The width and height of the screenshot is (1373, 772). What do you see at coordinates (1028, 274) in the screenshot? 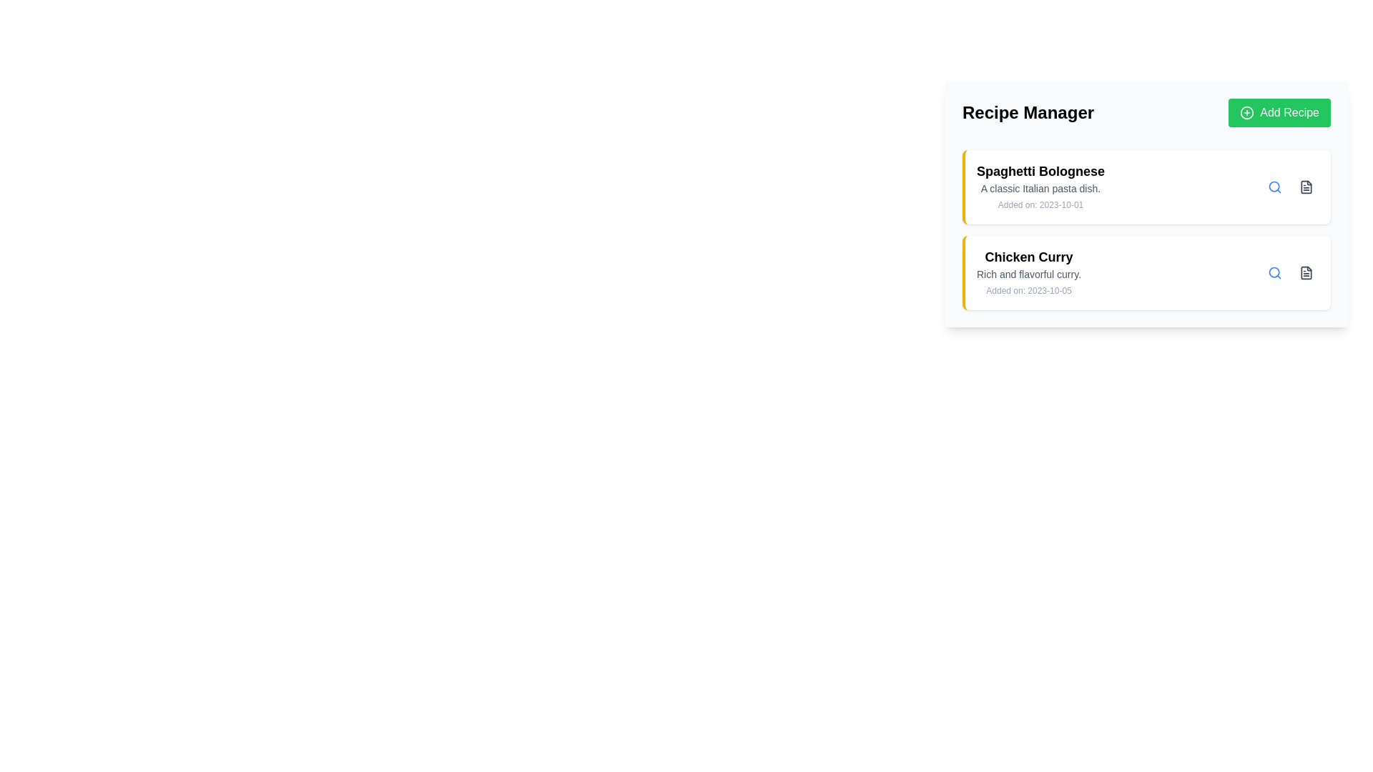
I see `the text label that reads 'Rich and flavorful curry.' which is styled in a small gray font and positioned below the 'Chicken Curry' title in the recipe card` at bounding box center [1028, 274].